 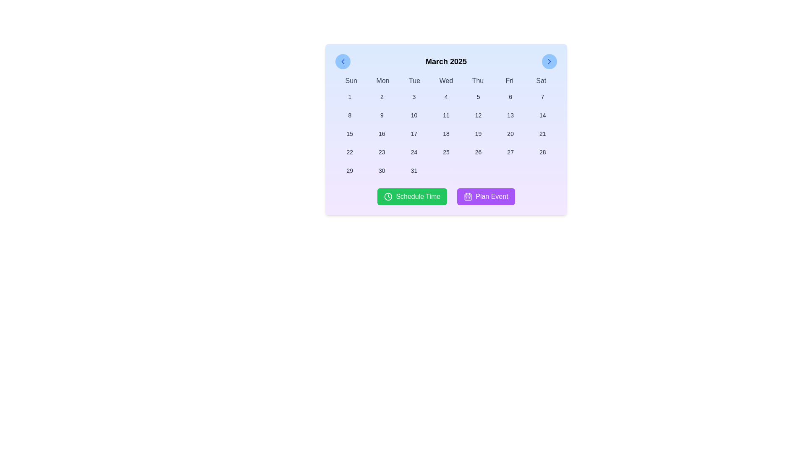 I want to click on the circular button with a soft blue background and a leftward-pointing blue chevron icon, so click(x=343, y=61).